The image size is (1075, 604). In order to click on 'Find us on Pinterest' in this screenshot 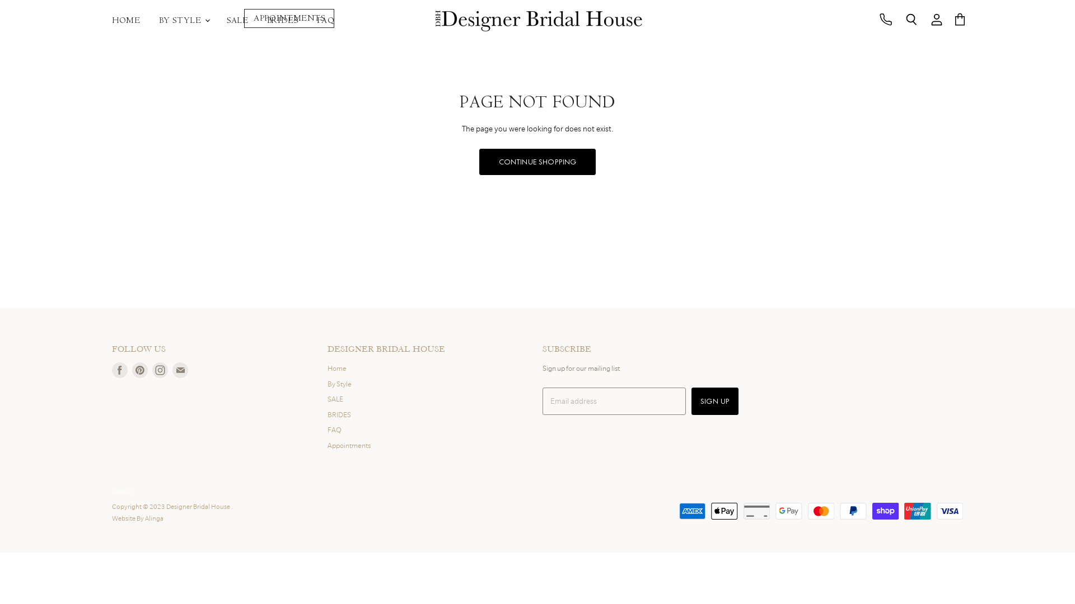, I will do `click(139, 370)`.